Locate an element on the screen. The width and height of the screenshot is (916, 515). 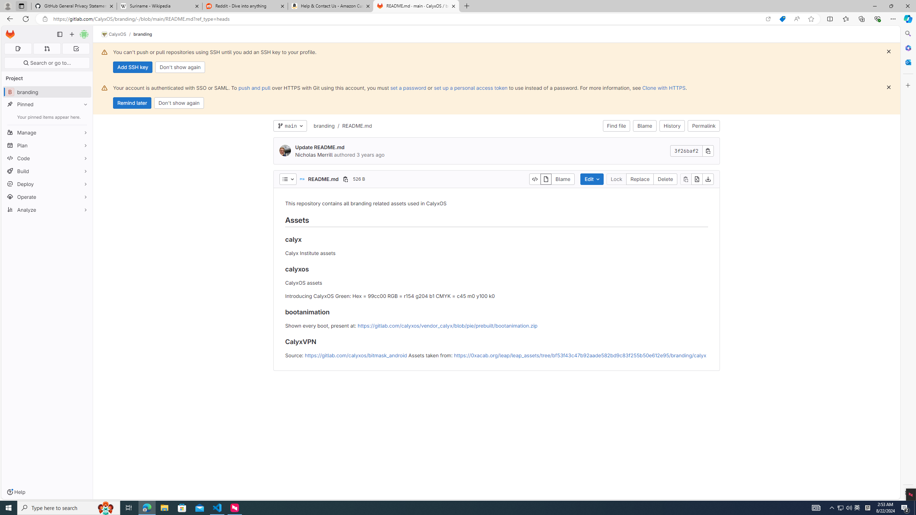
'set up a personal access token' is located at coordinates (470, 88).